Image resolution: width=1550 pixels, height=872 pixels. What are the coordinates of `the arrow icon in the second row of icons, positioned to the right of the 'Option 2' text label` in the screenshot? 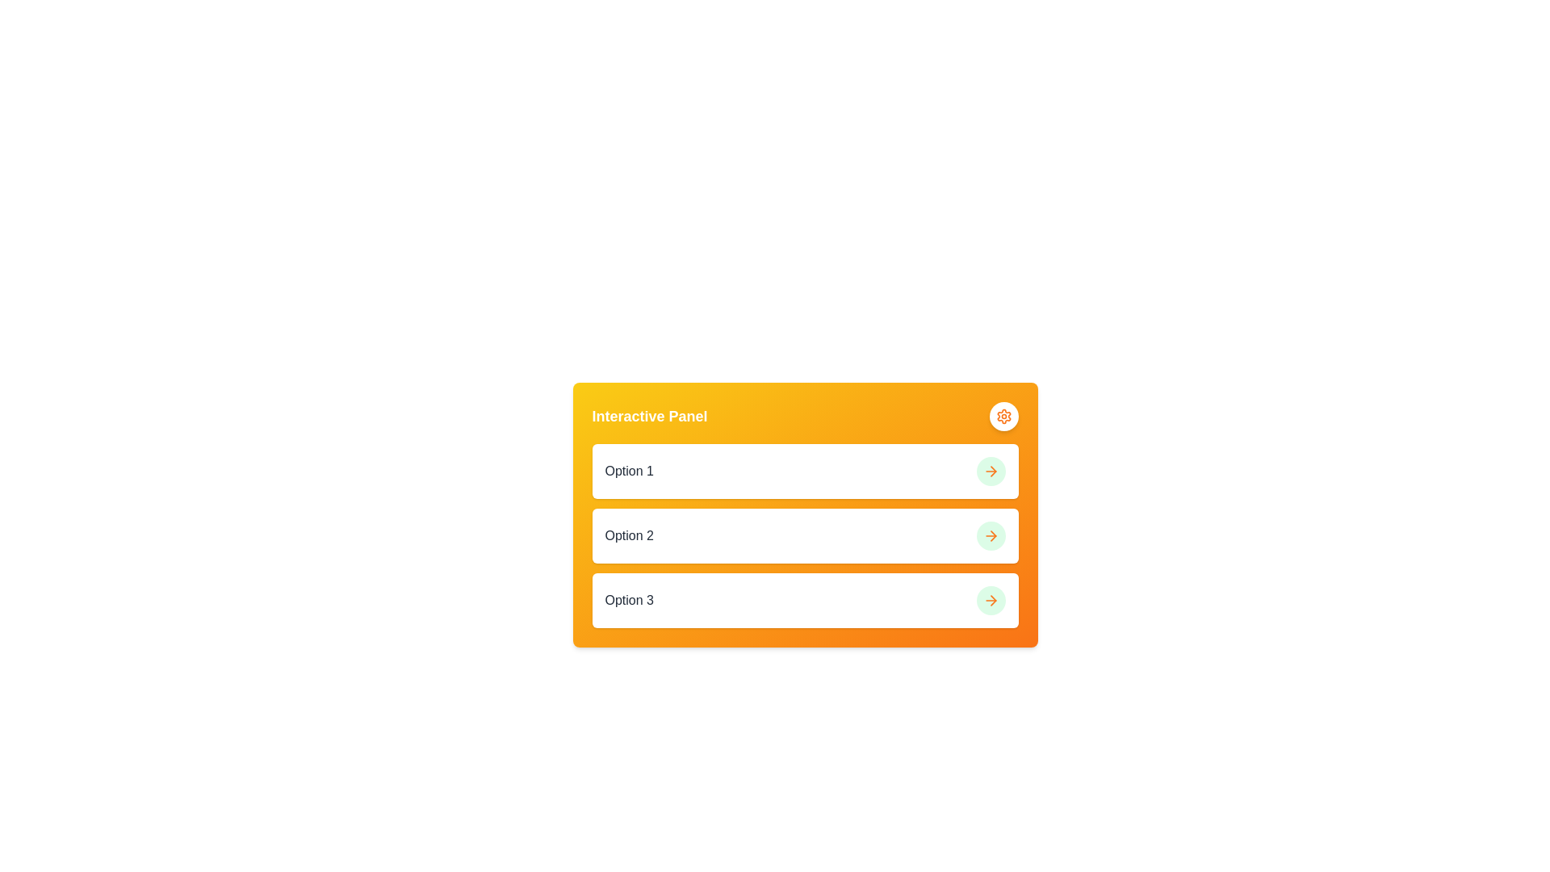 It's located at (992, 471).